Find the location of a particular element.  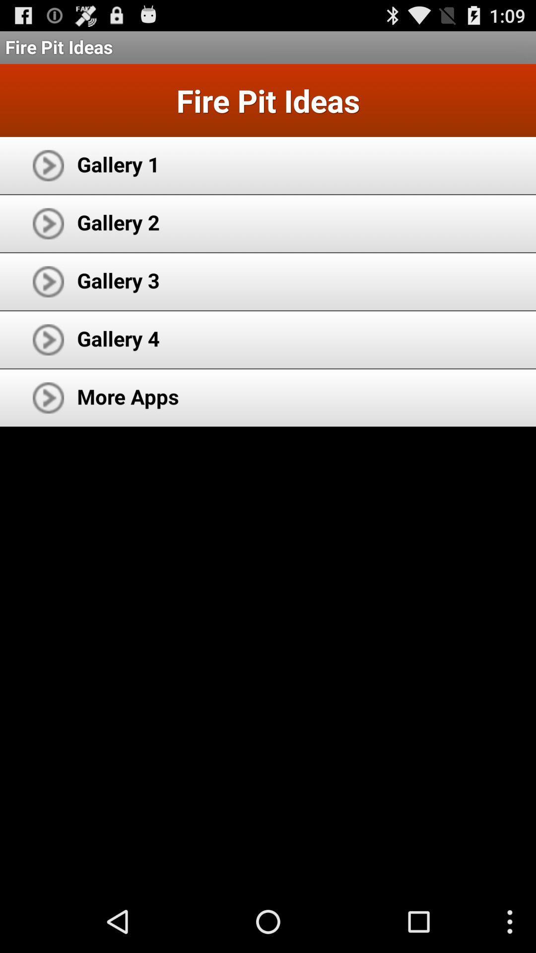

gallery 3 is located at coordinates (118, 279).